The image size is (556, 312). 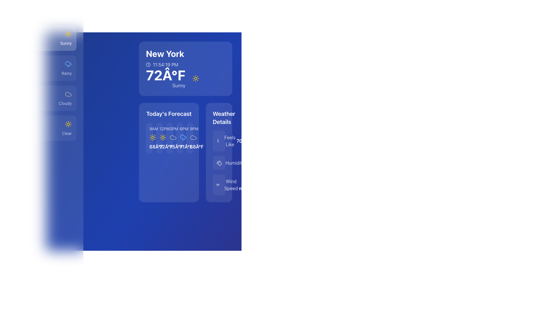 What do you see at coordinates (148, 64) in the screenshot?
I see `circular component of the SVG clock icon located near the upper left part of the clock icon in the sidebar section of the interface` at bounding box center [148, 64].